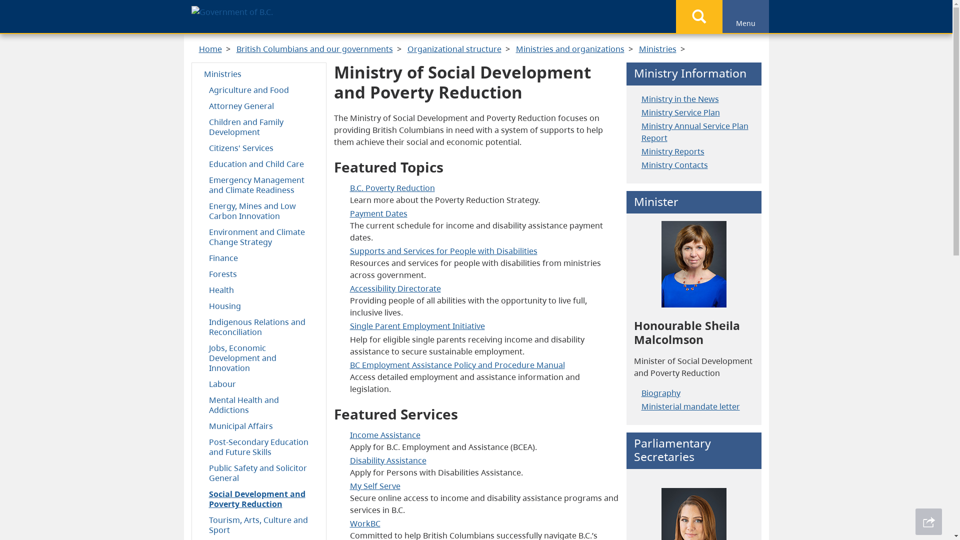 Image resolution: width=960 pixels, height=540 pixels. What do you see at coordinates (259, 472) in the screenshot?
I see `'Public Safety and Solicitor General'` at bounding box center [259, 472].